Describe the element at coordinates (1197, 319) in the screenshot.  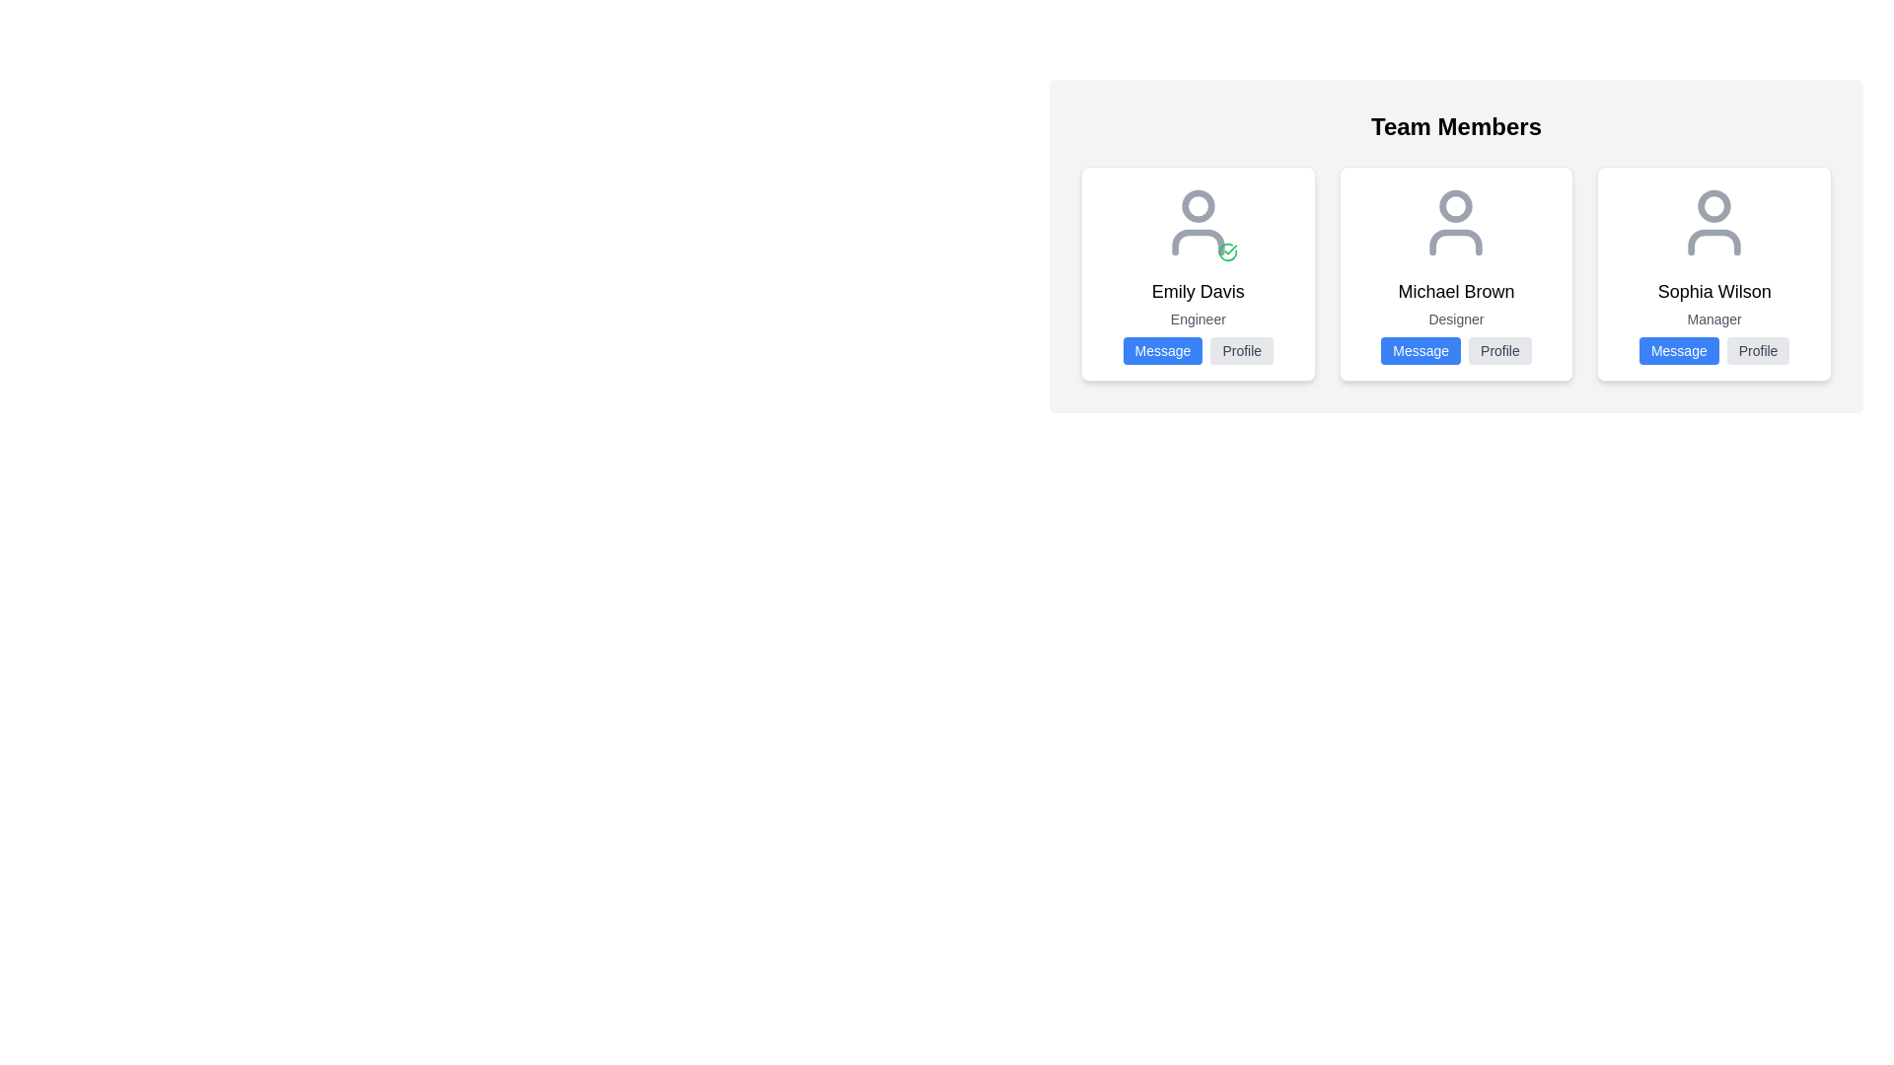
I see `the label displaying the job title of Emily Davis, which is positioned in the middle column of the layout, located between the name and the buttons for Message and Profile` at that location.